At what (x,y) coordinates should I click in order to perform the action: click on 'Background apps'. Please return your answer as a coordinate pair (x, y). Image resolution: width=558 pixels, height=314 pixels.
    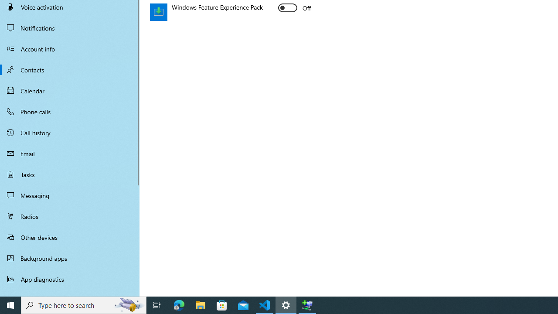
    Looking at the image, I should click on (70, 258).